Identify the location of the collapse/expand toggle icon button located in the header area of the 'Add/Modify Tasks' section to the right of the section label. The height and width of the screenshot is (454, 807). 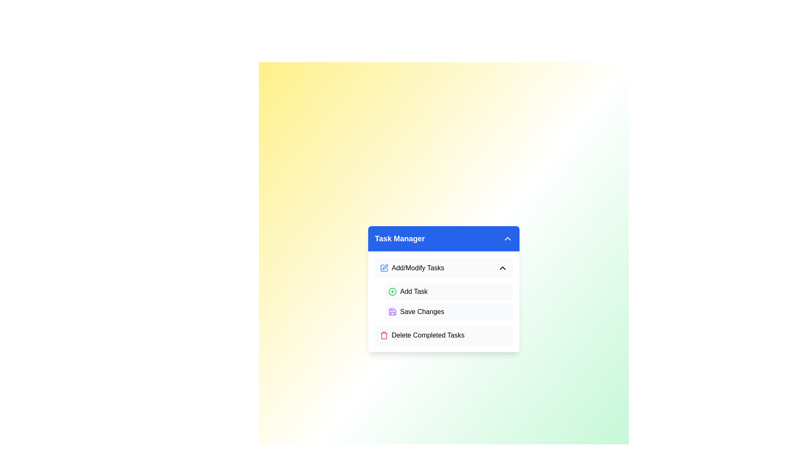
(502, 268).